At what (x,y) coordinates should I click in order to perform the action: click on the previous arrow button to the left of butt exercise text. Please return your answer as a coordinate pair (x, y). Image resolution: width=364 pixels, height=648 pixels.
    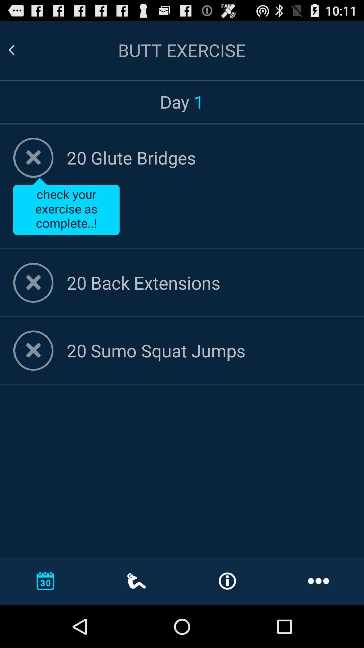
    Looking at the image, I should click on (11, 50).